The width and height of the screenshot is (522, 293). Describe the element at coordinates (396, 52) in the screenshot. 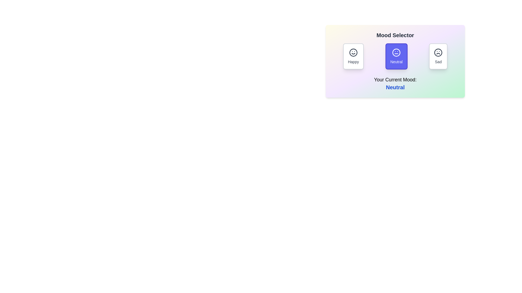

I see `the neutral face emoji represented by the circle, which is centrally located within the highlighted blue rectangular region among the mood options` at that location.